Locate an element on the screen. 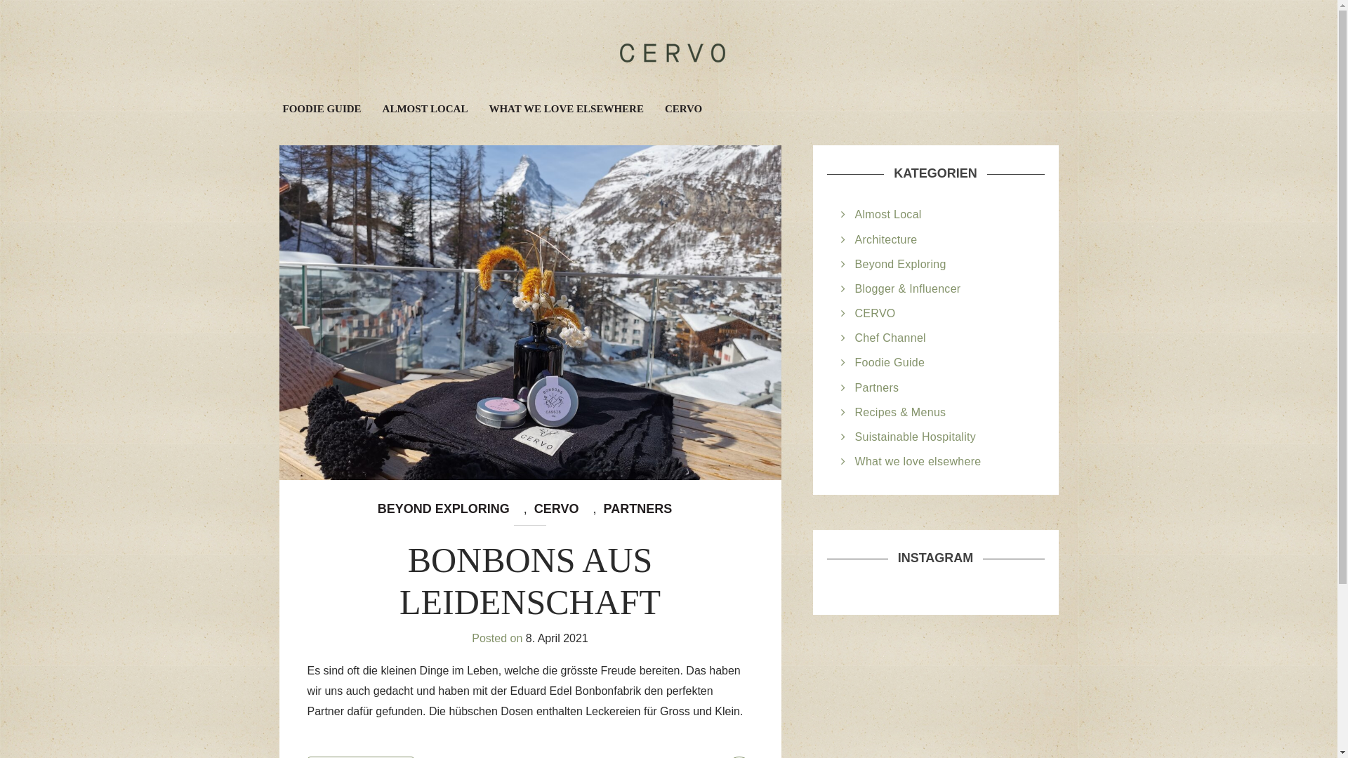 This screenshot has height=758, width=1348. 'Almost Local' is located at coordinates (854, 214).